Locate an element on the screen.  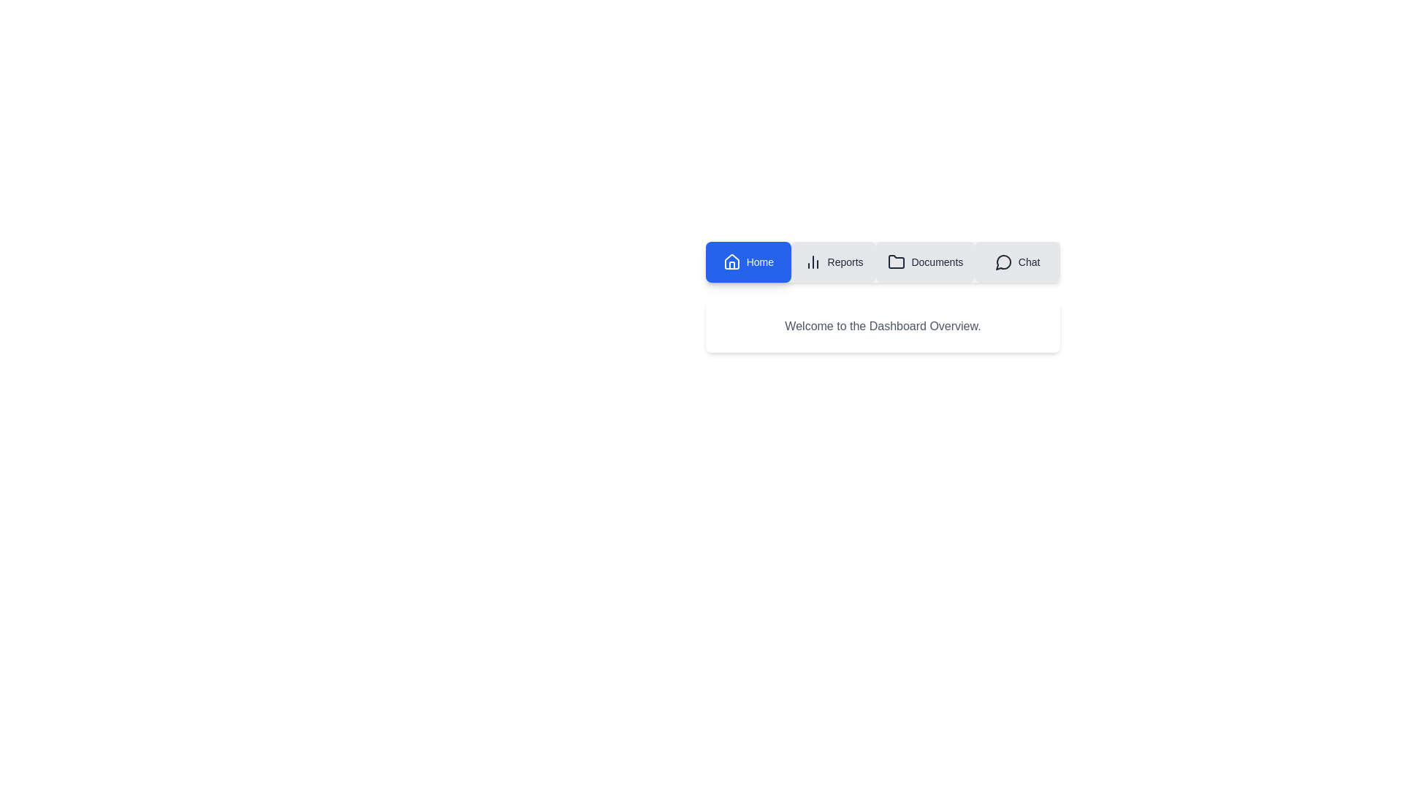
the tab labeled Home is located at coordinates (748, 261).